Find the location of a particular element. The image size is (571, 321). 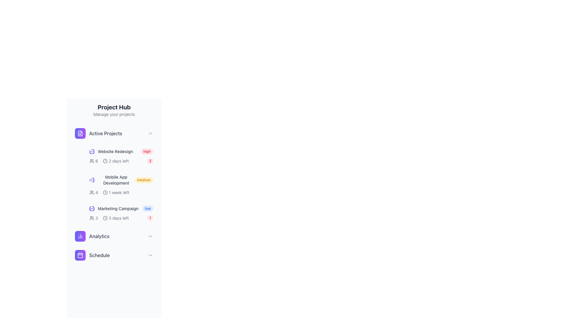

the visual indicator located to the left of the text 'Mobile App Development' in the 'Active Projects' section of the 'Project Hub' interface is located at coordinates (91, 180).